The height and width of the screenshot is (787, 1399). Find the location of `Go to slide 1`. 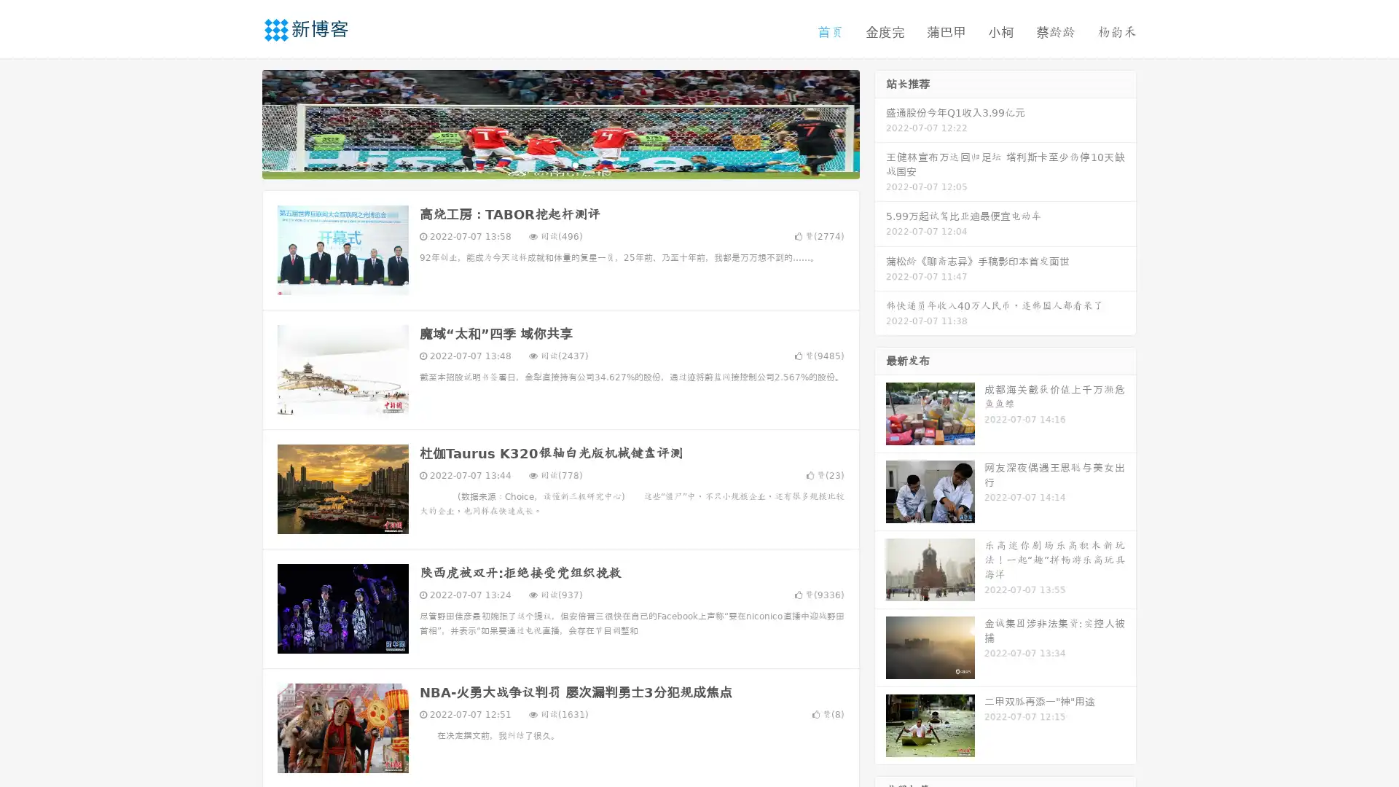

Go to slide 1 is located at coordinates (545, 164).